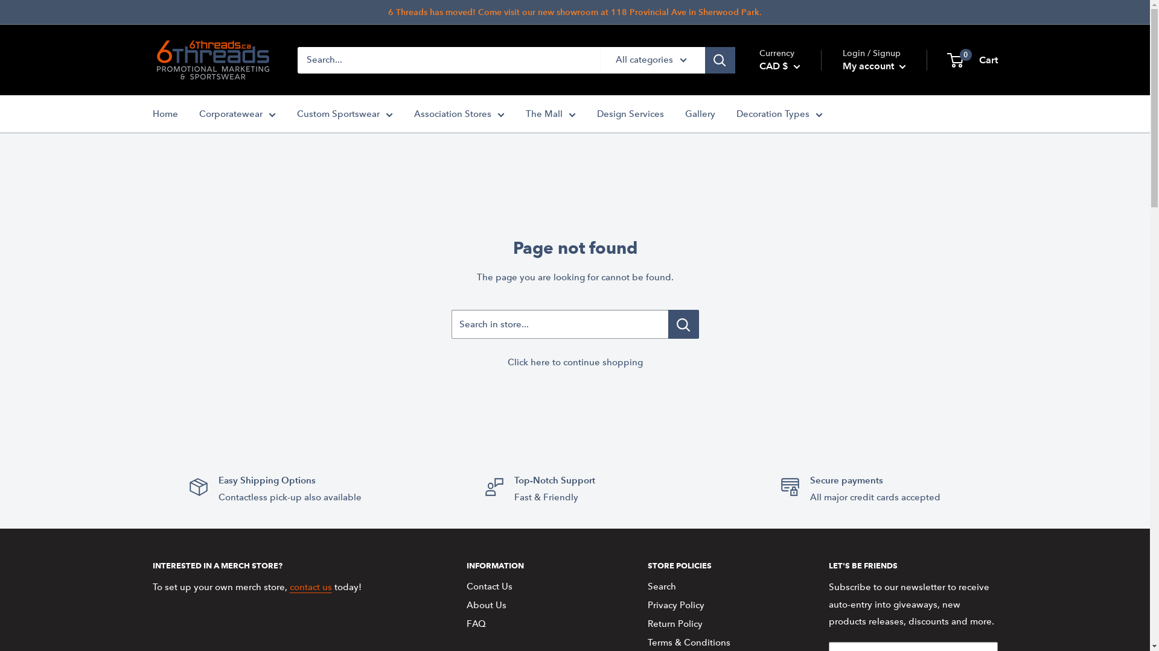  What do you see at coordinates (344, 114) in the screenshot?
I see `'Custom Sportswear'` at bounding box center [344, 114].